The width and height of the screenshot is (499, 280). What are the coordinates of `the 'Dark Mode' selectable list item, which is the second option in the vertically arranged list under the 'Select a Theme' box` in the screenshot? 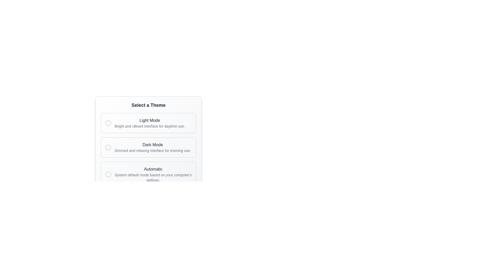 It's located at (148, 148).